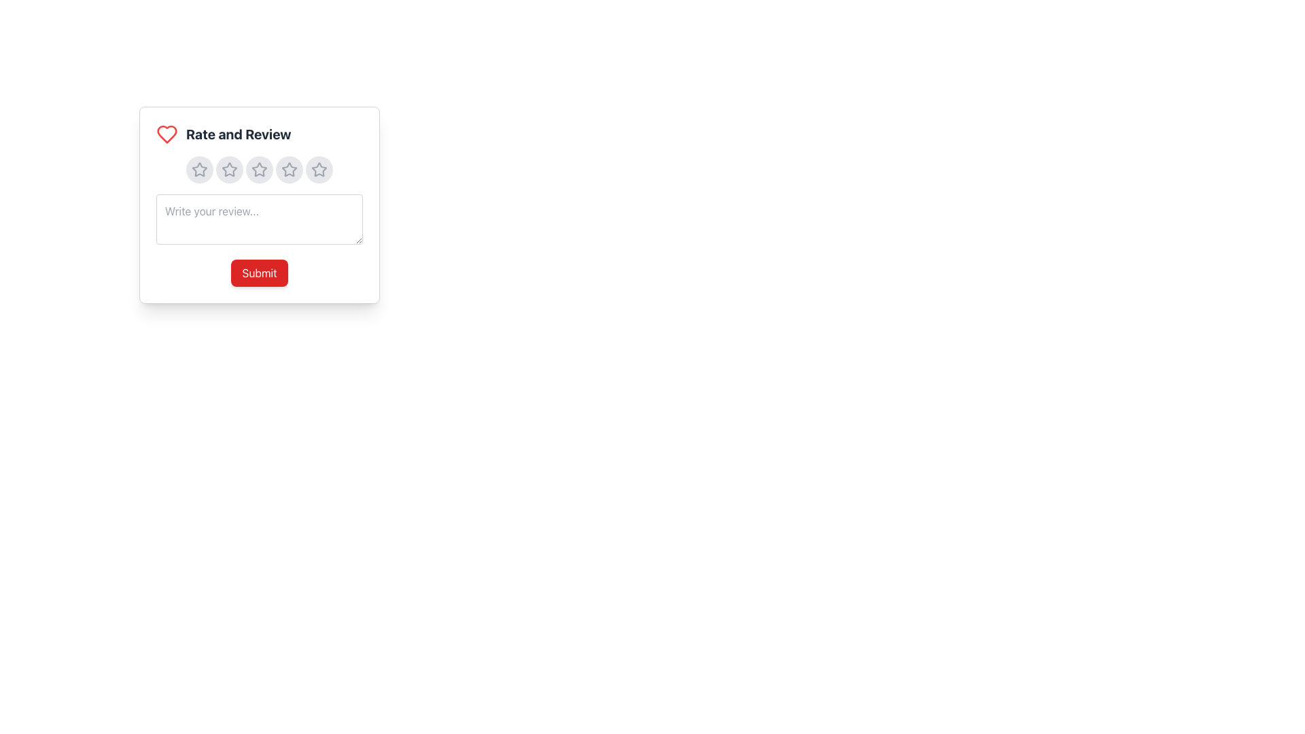  I want to click on the heart icon located at the leftmost position above the rating stars and review input box, adjacent to the 'Rate and Review' title text, so click(166, 134).